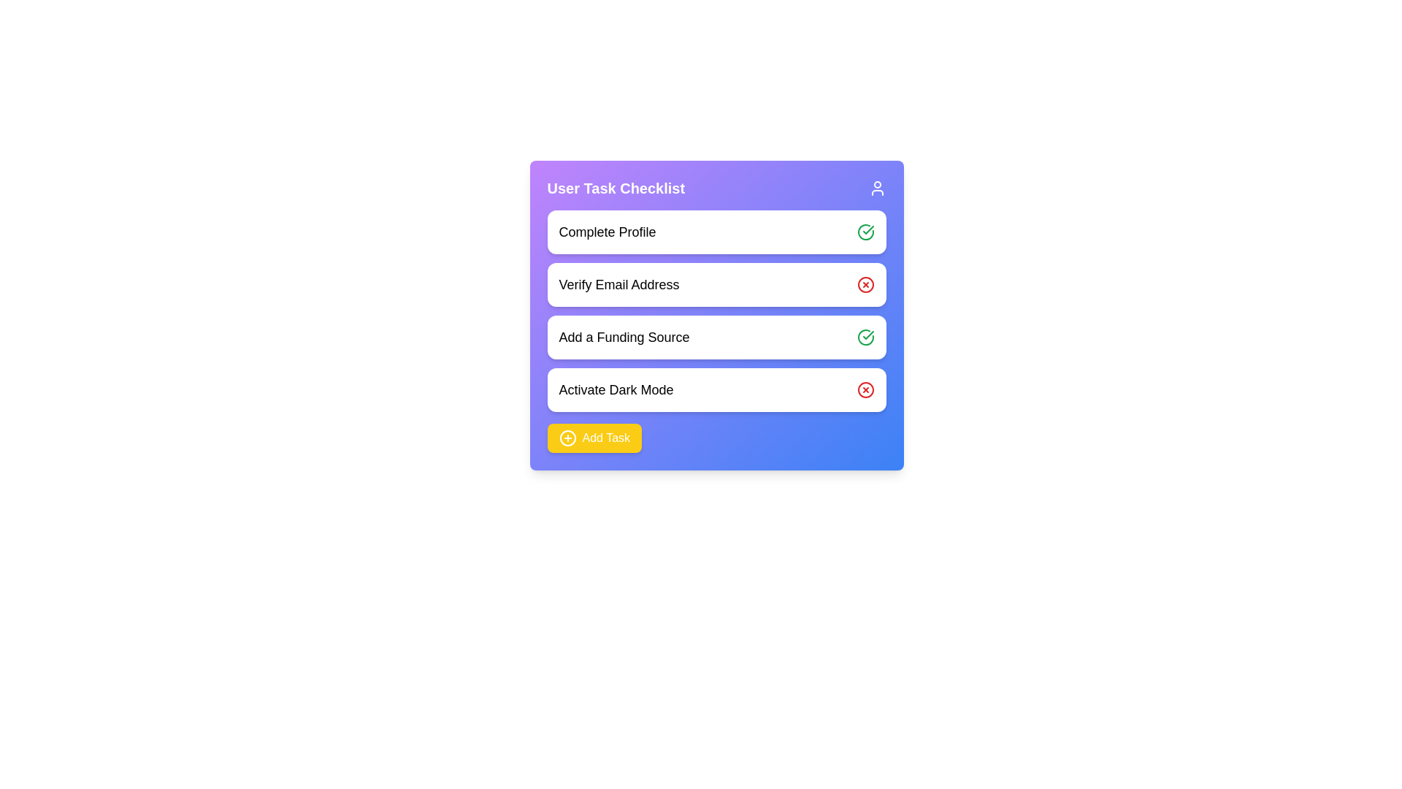 The image size is (1402, 789). I want to click on the 'Add Task' button, which is a yellow rectangular button with rounded corners containing the text 'Add Task' in bold sans-serif font, located at the bottom-left corner of the checklist interface, so click(606, 438).